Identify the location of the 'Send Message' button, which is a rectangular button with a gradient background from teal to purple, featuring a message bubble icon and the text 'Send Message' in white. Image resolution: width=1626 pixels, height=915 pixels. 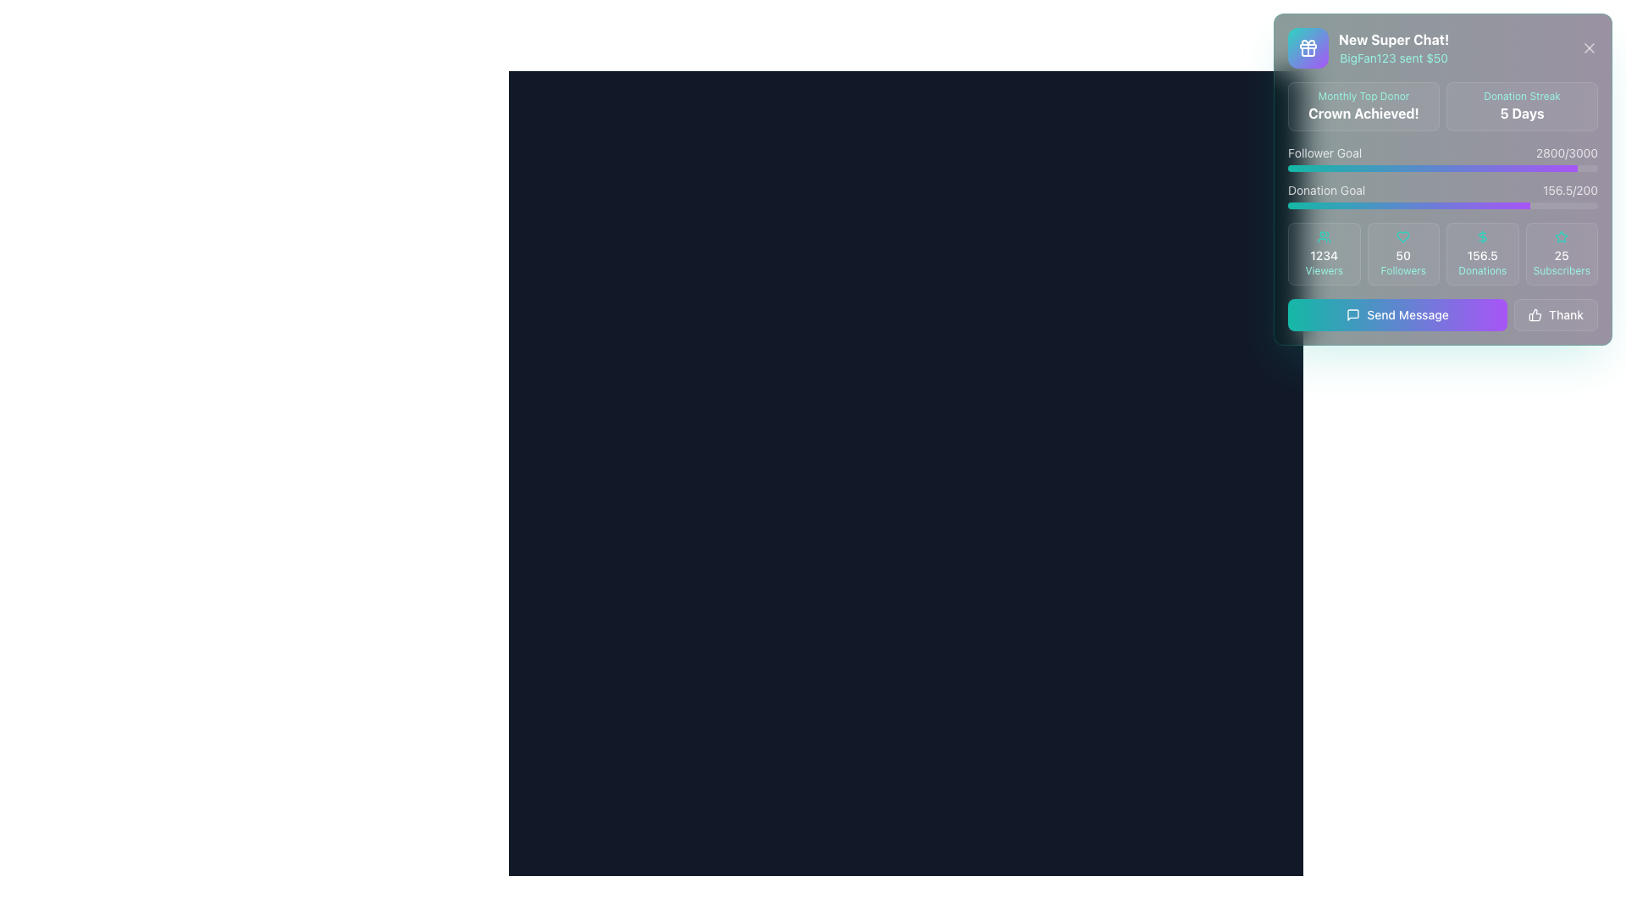
(1397, 314).